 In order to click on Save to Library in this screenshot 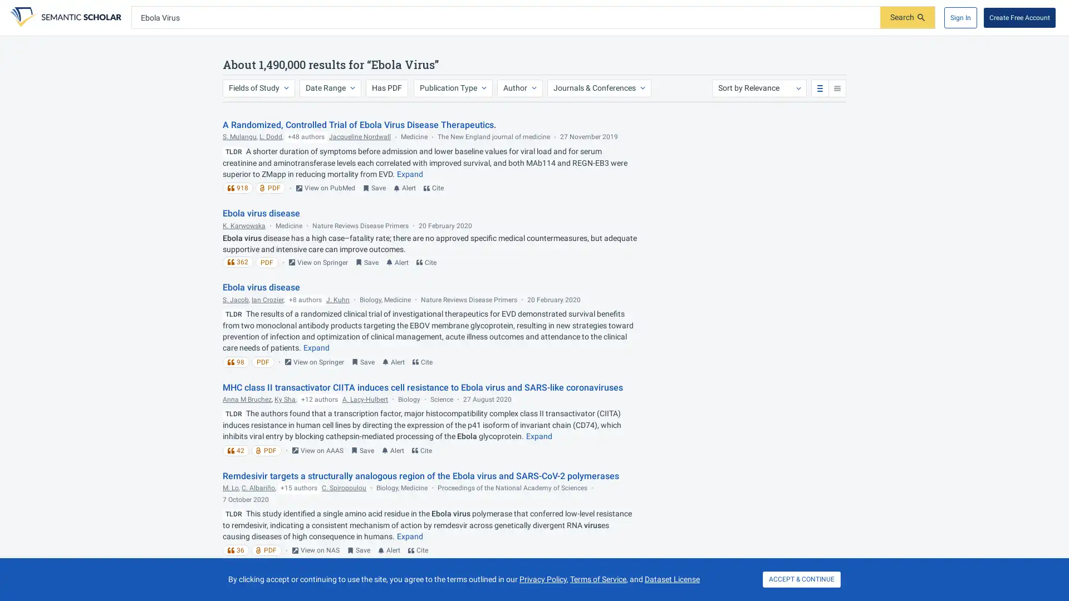, I will do `click(359, 549)`.